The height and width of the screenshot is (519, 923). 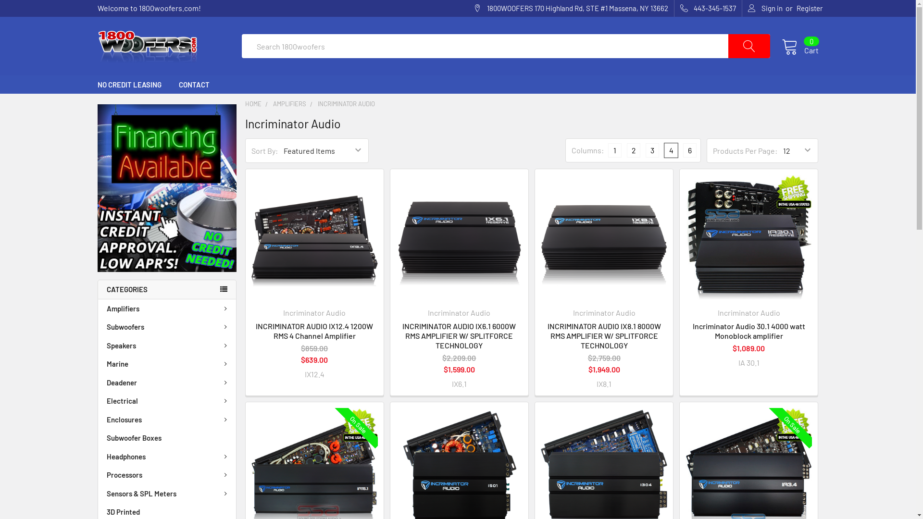 I want to click on 'Subwoofers', so click(x=167, y=326).